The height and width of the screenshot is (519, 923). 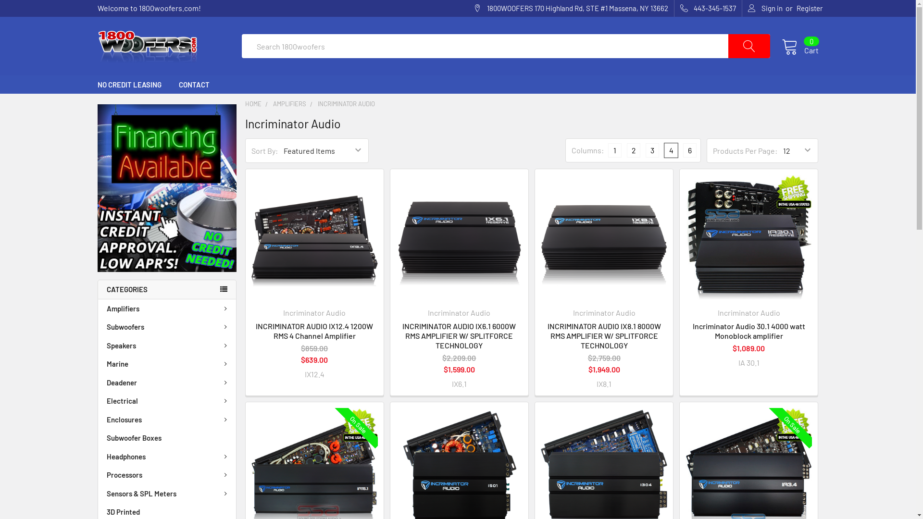 I want to click on 'Subwoofers', so click(x=167, y=326).